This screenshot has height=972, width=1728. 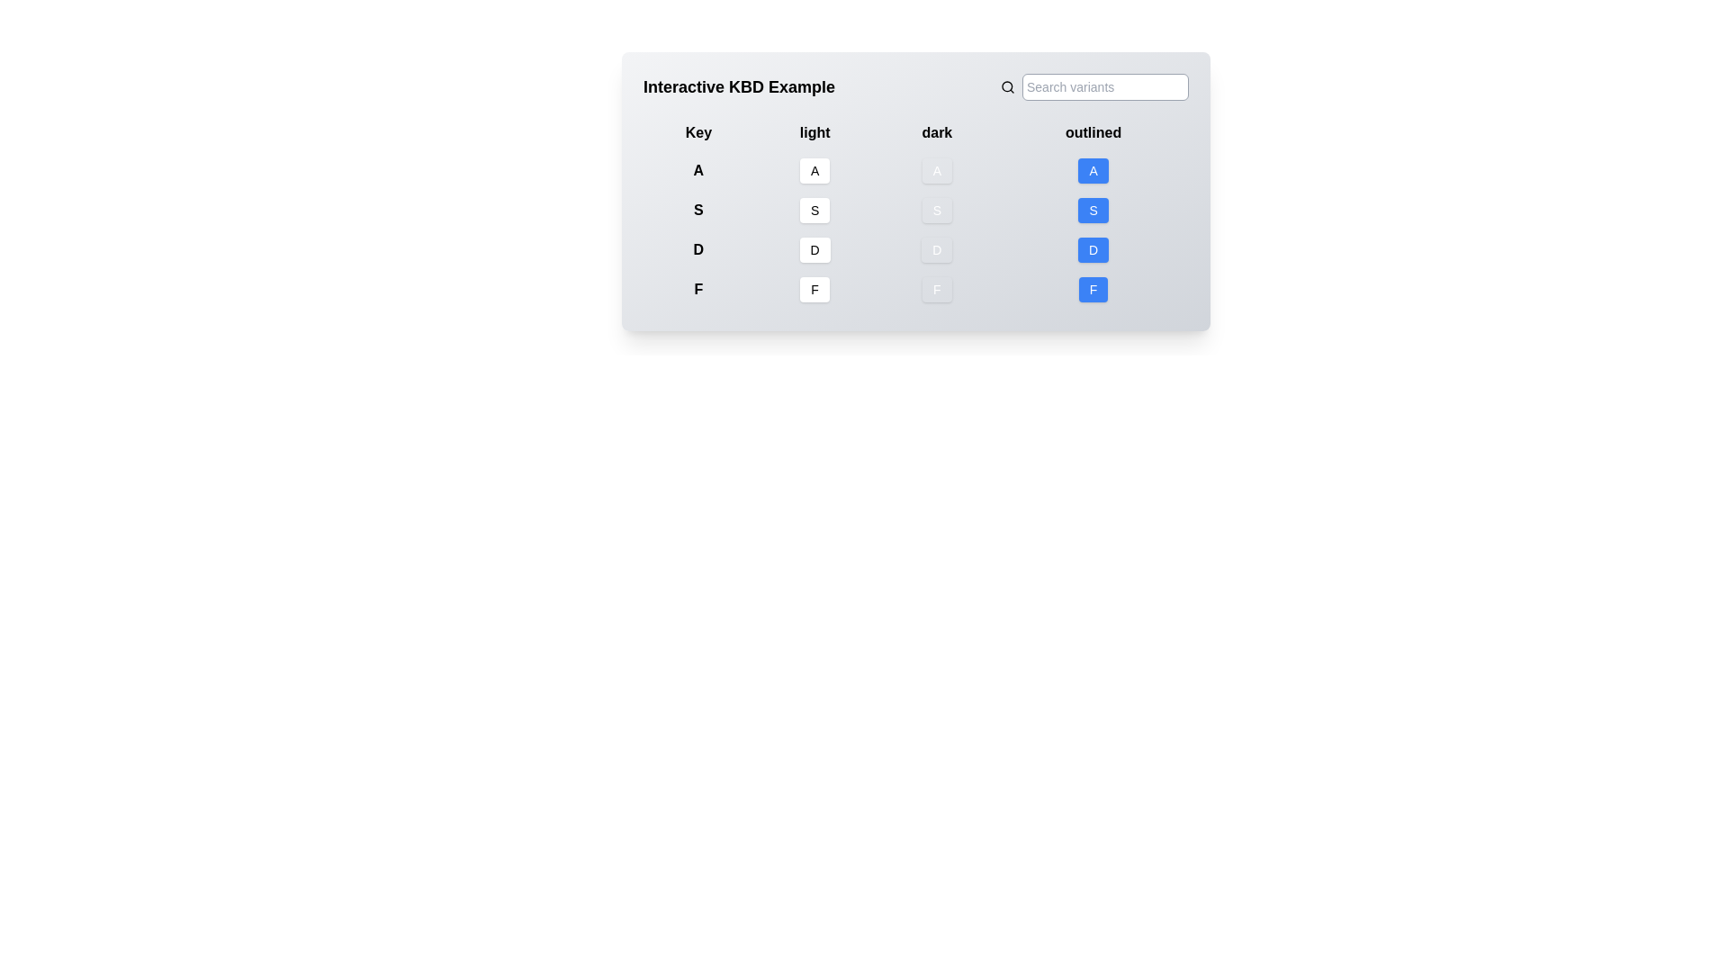 I want to click on the rectangular button with rounded corners, blue background, and white text displaying 'A', located in the first row of the outlined column of the interactive keyboard example interface, so click(x=1093, y=170).